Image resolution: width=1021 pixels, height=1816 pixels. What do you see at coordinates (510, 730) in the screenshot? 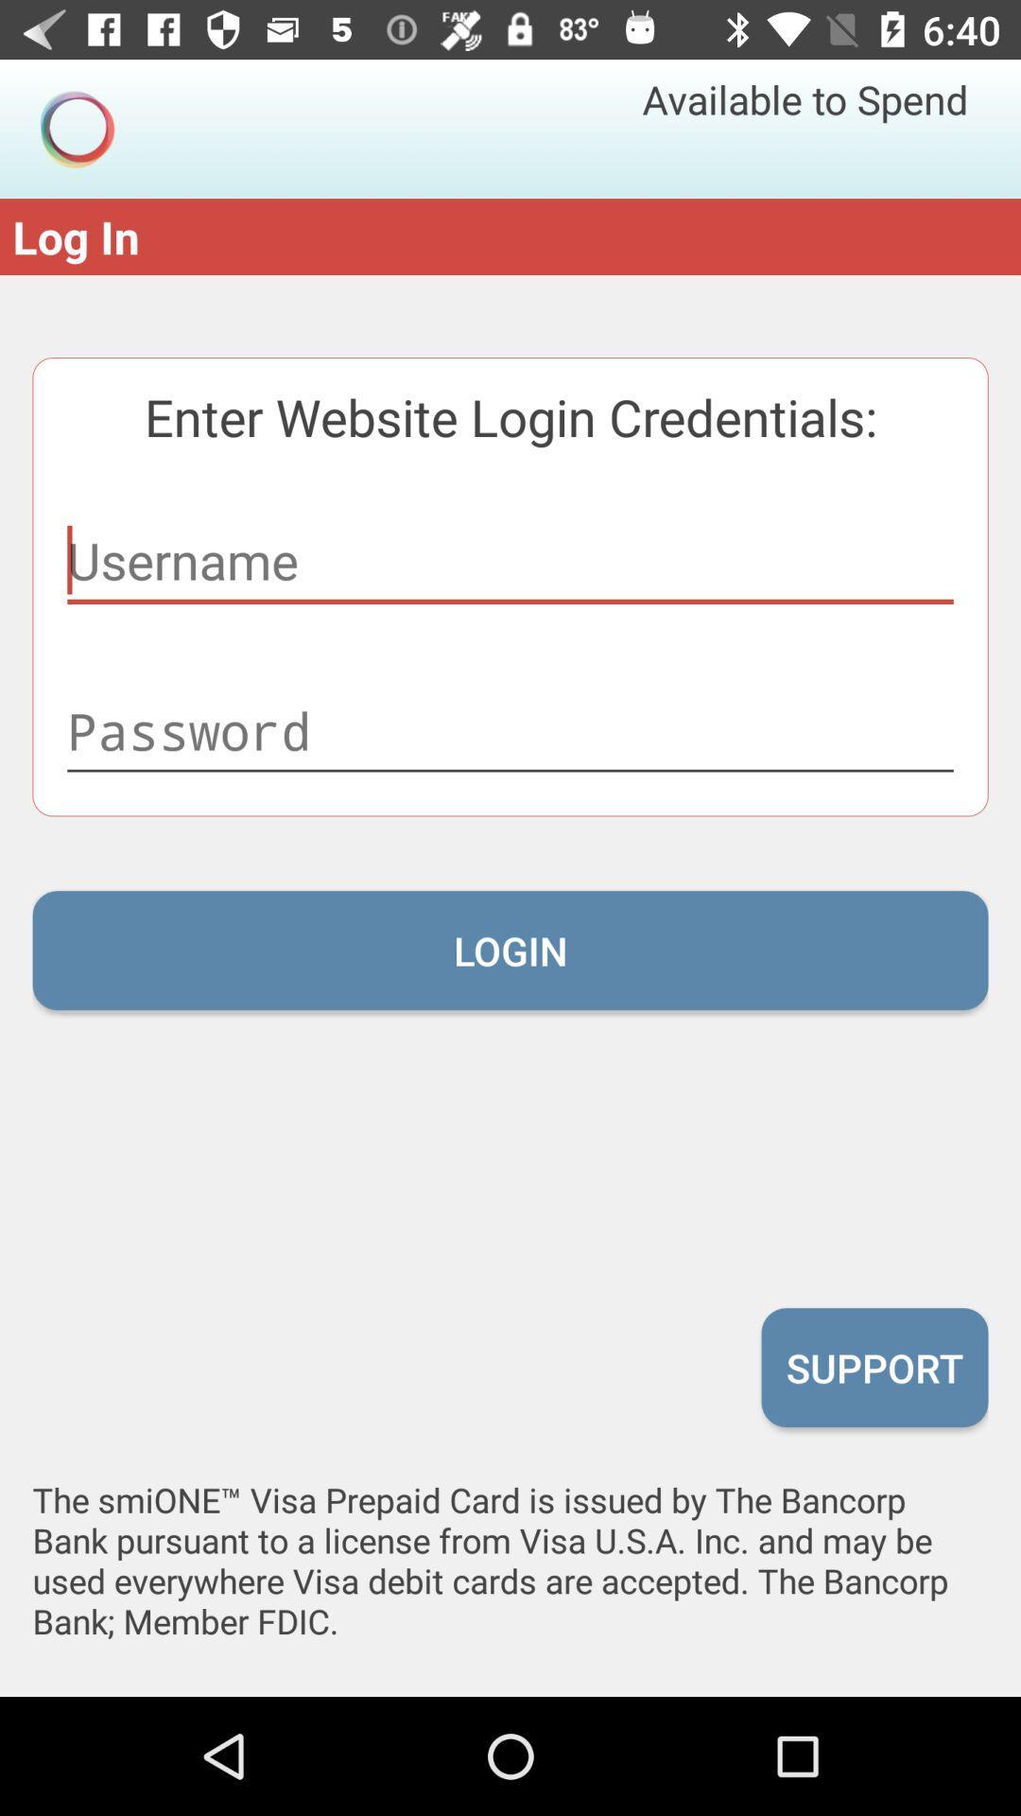
I see `type password` at bounding box center [510, 730].